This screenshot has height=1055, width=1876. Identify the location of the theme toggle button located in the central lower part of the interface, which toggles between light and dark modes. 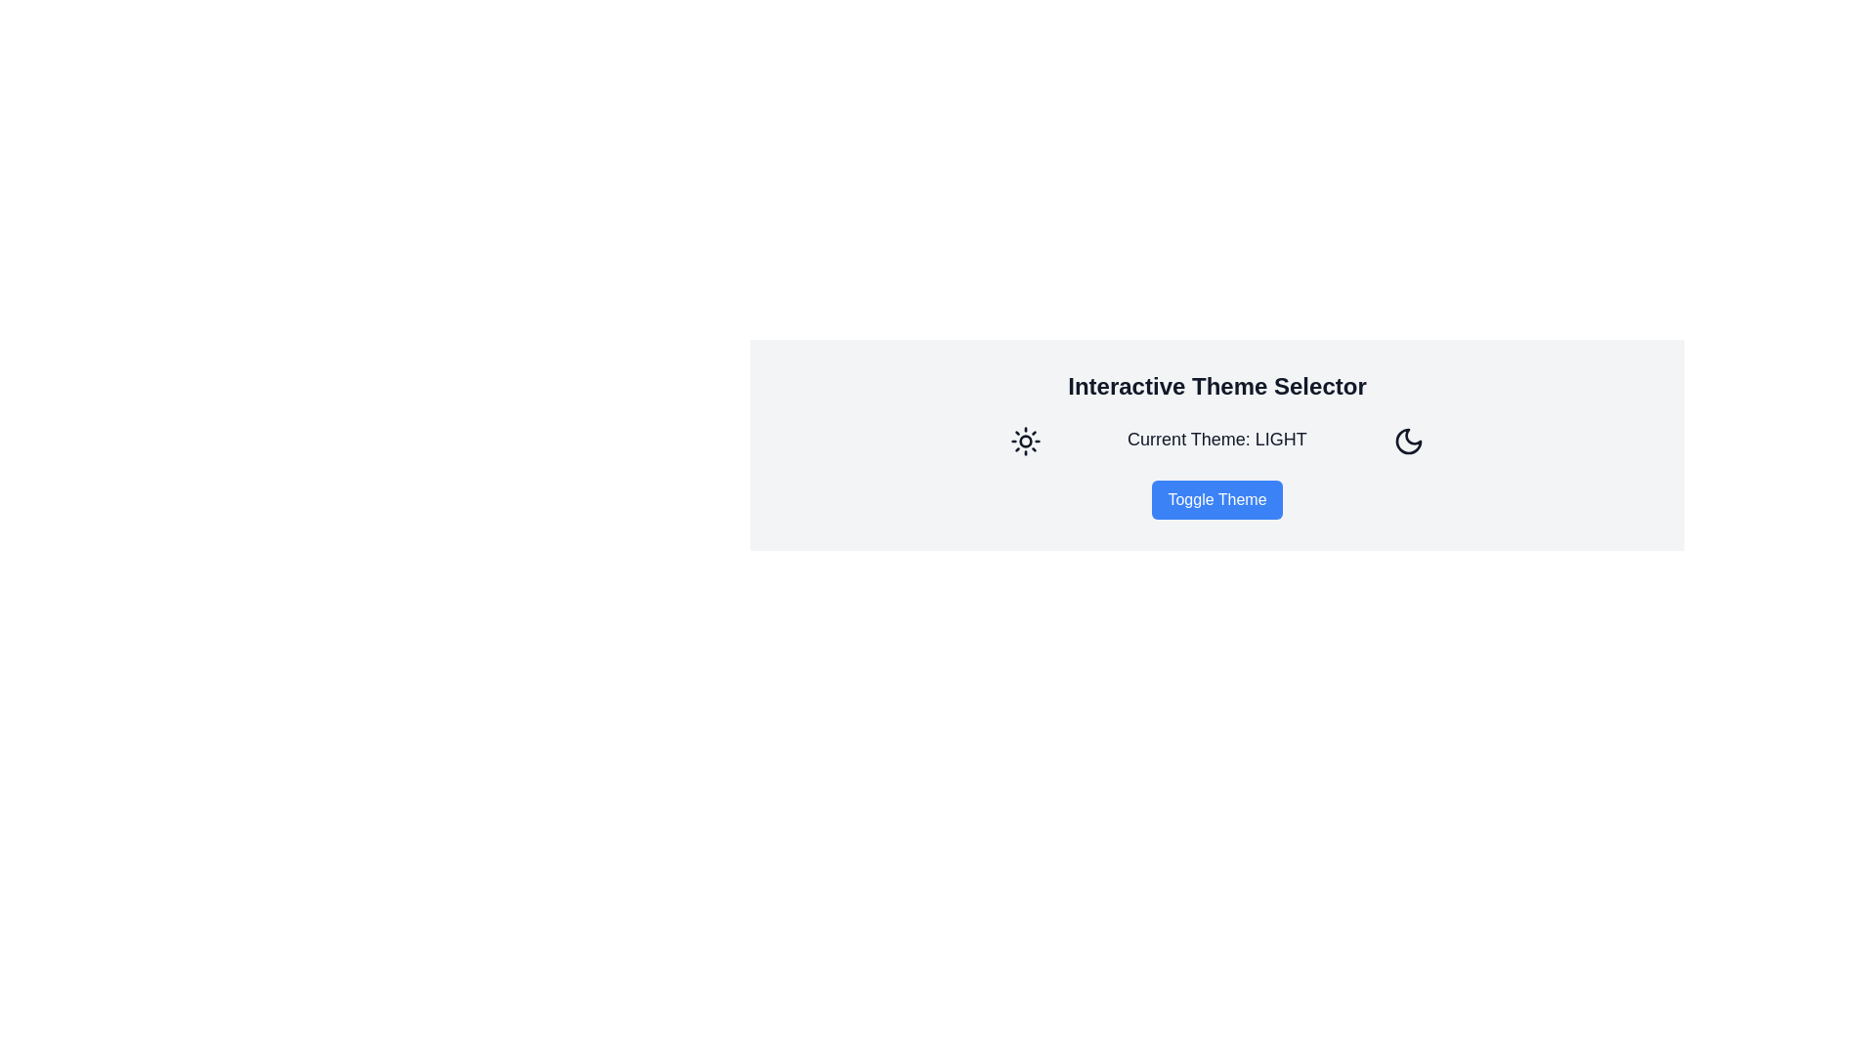
(1216, 499).